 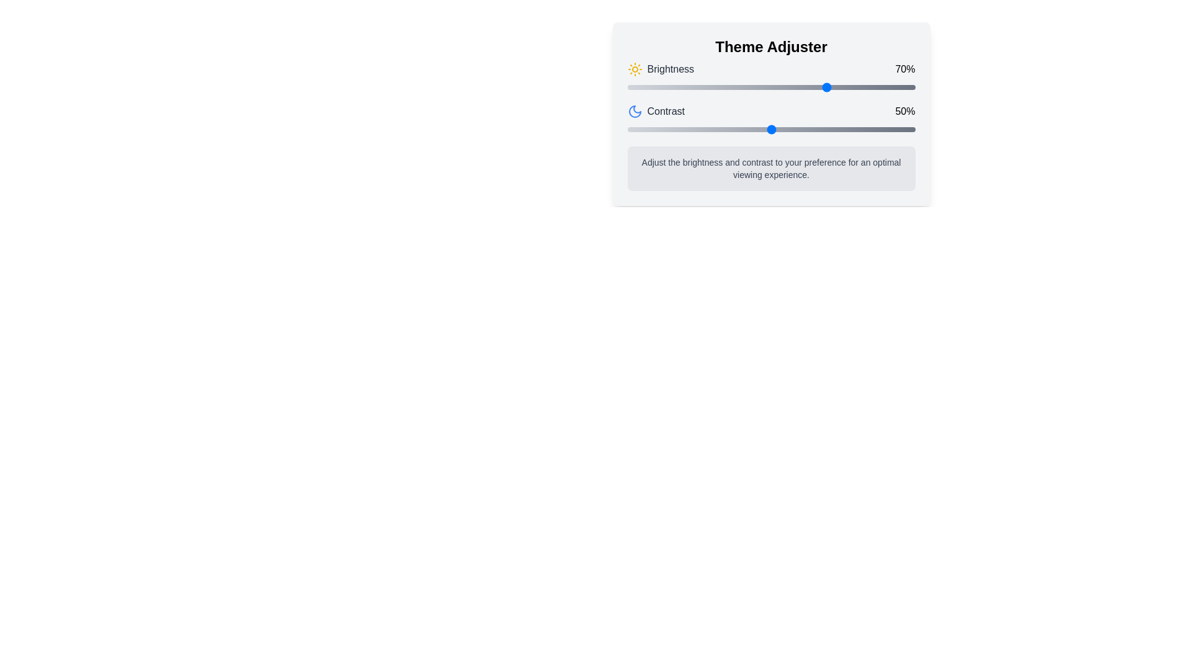 I want to click on the text display indicating '50%' that is part of the contrast adjustment section, positioned to the right of the contrast slider and label, so click(x=905, y=112).